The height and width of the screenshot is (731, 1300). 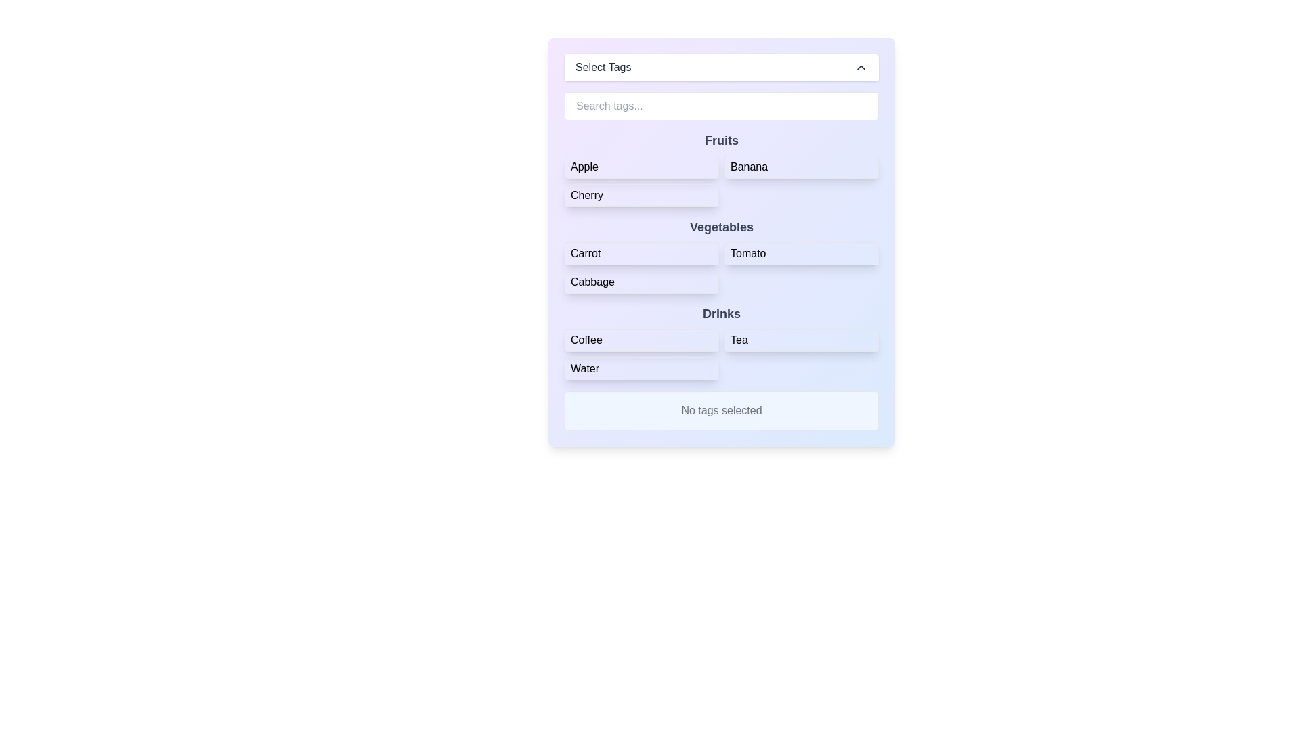 I want to click on the 'Apple' button located in the top-left corner of the 'Fruits' section, so click(x=641, y=166).